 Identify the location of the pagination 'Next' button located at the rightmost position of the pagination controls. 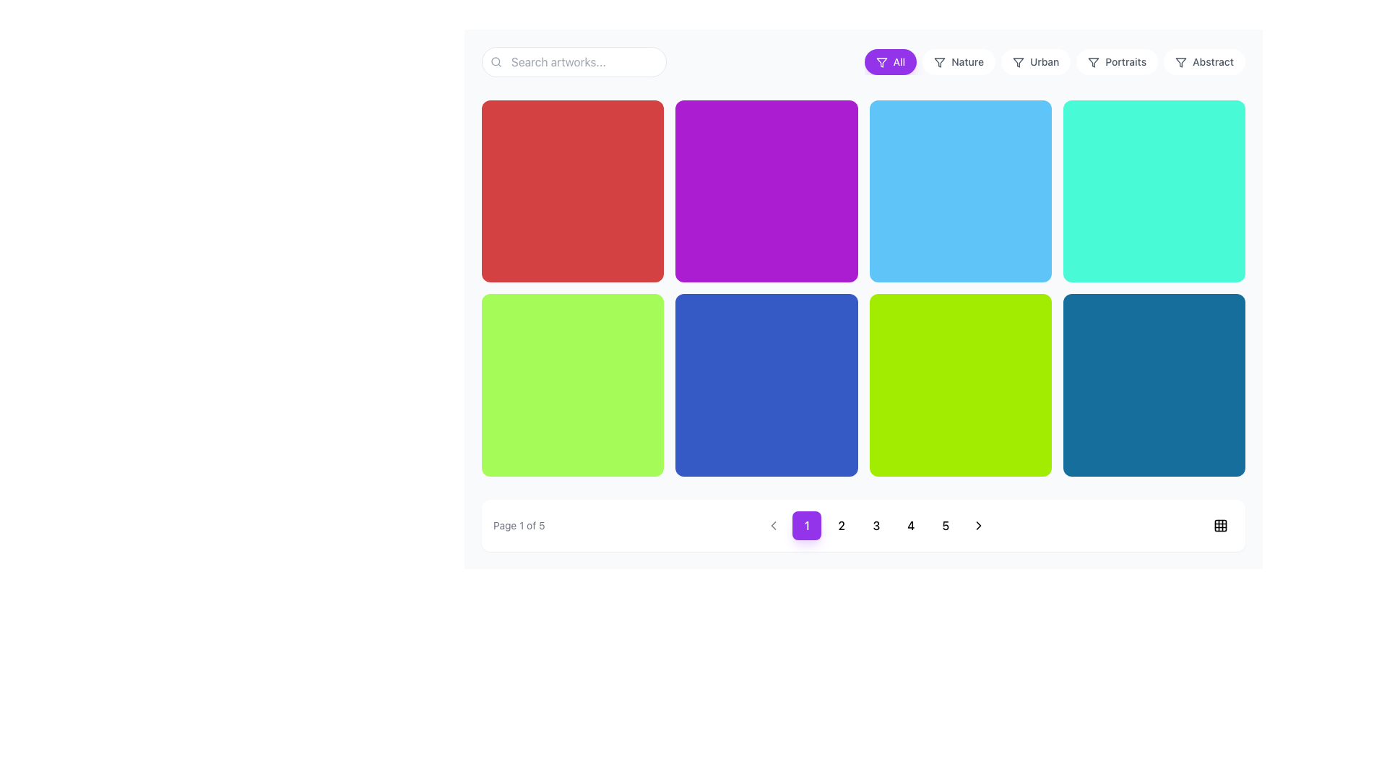
(979, 525).